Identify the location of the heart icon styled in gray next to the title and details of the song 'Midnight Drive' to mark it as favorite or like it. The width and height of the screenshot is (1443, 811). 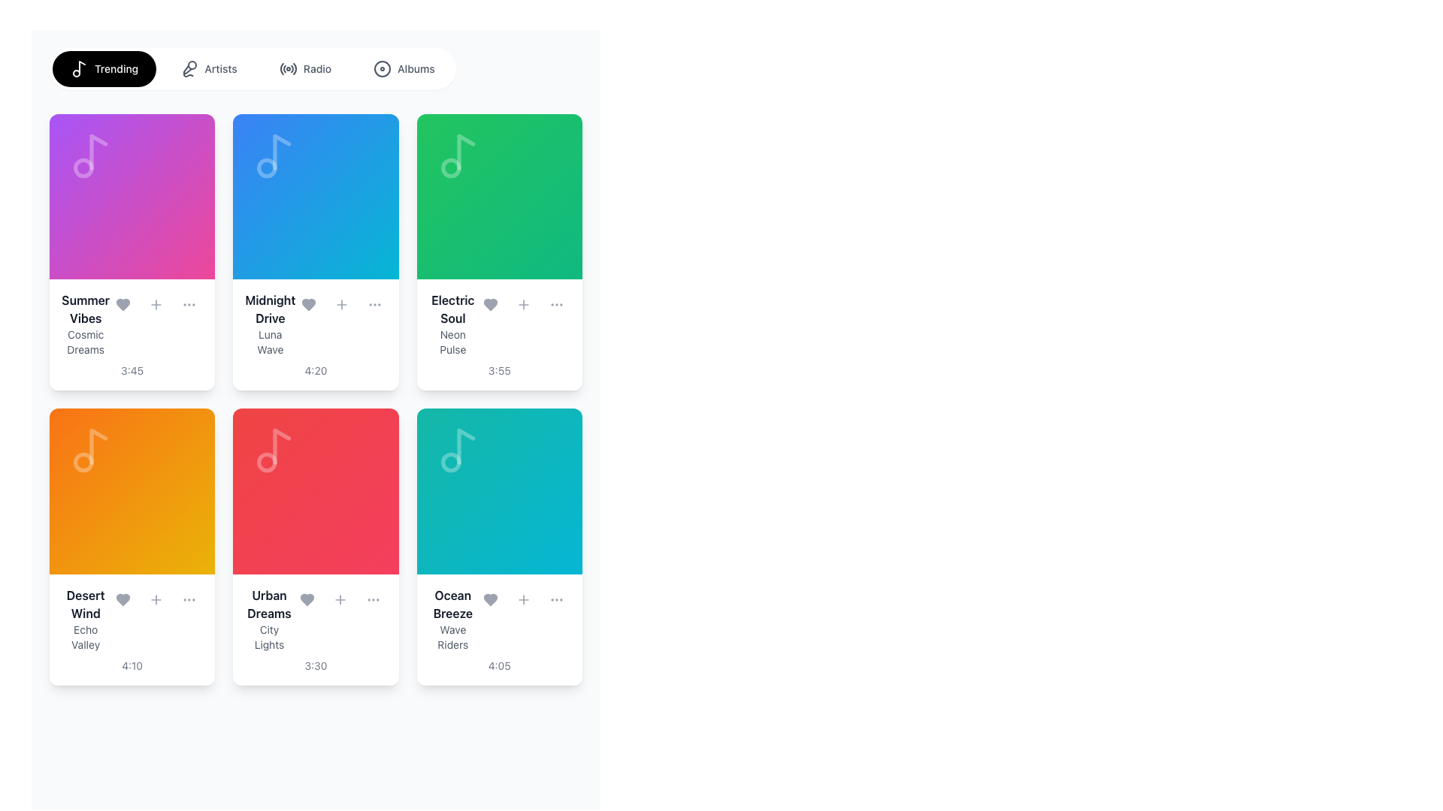
(308, 304).